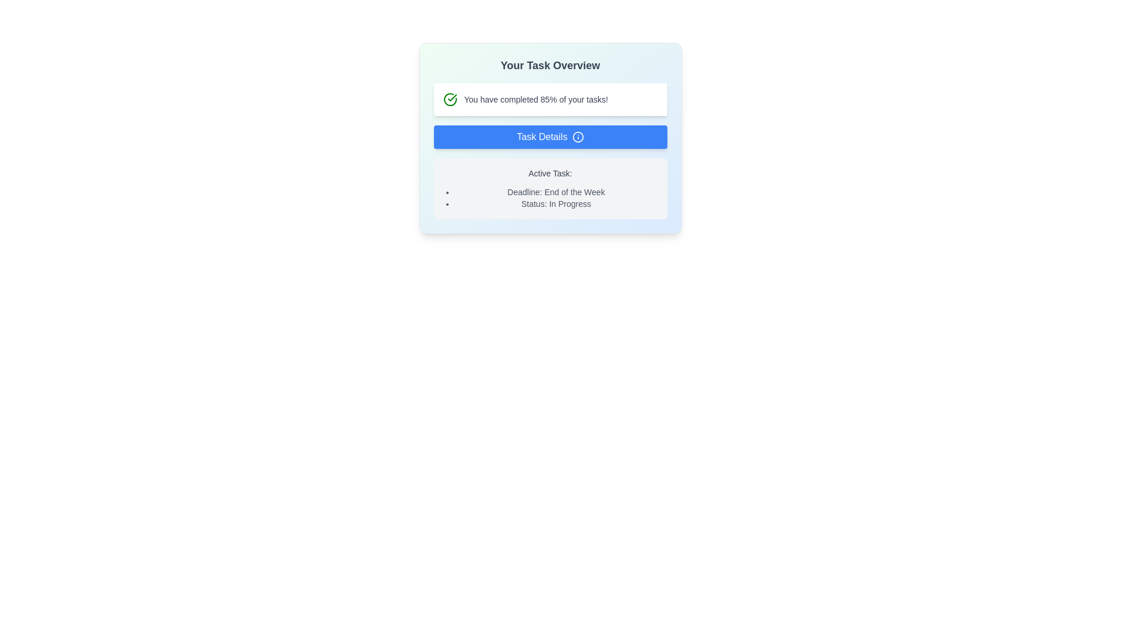 The width and height of the screenshot is (1126, 633). I want to click on the information indicated by the circular icon featuring an 'i' symbol, which is positioned to the right of the 'Task Details' button, so click(578, 137).